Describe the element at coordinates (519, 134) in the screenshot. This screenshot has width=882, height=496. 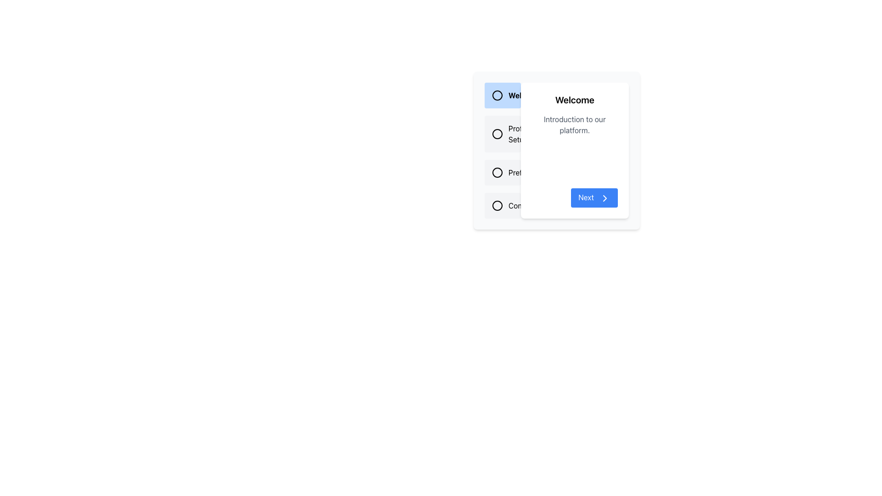
I see `the radio button associated with the 'Profile Setup' text label located below 'Welcome' and above 'Preferences' in the vertical list` at that location.